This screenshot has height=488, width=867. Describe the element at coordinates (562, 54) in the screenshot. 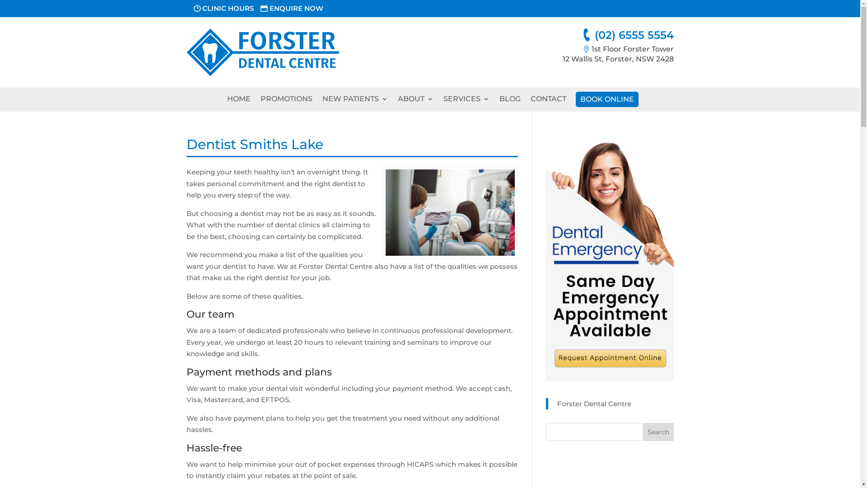

I see `'1st Floor Forster Tower` at that location.